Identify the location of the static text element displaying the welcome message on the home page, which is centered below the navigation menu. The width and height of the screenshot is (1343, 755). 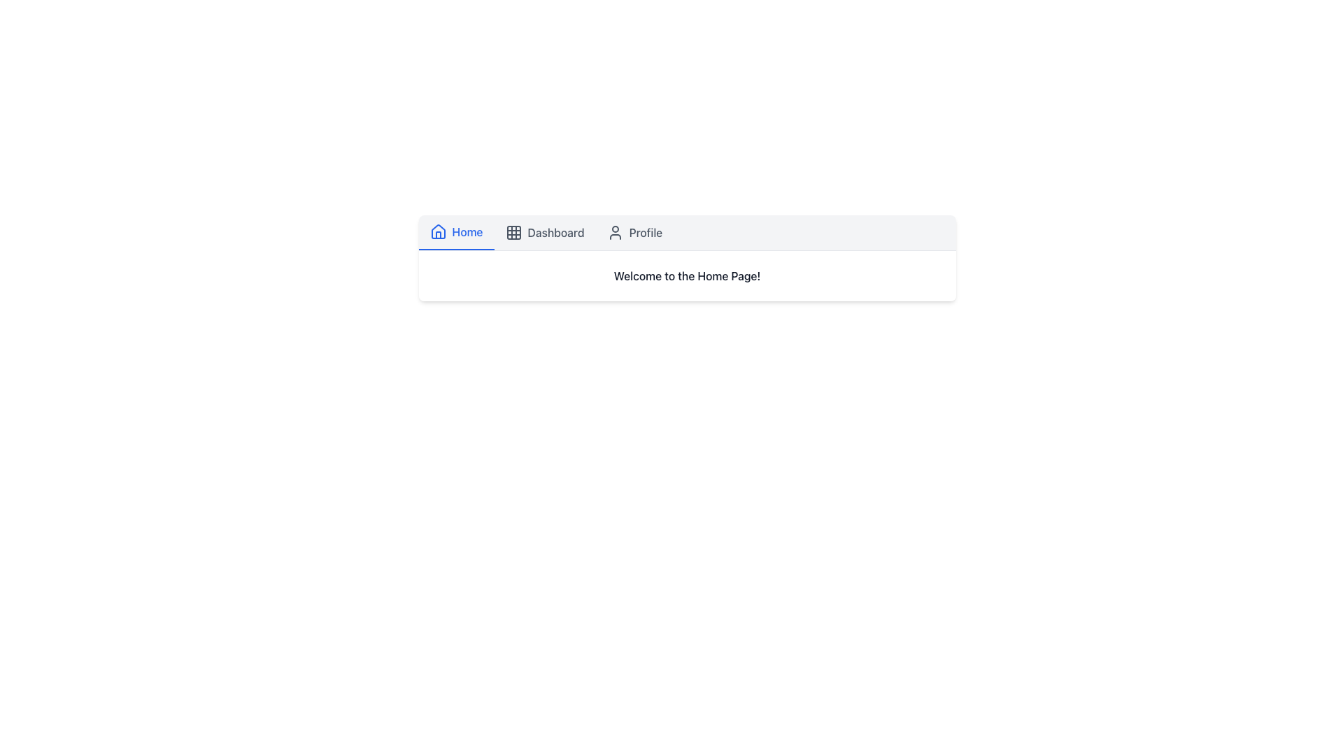
(687, 275).